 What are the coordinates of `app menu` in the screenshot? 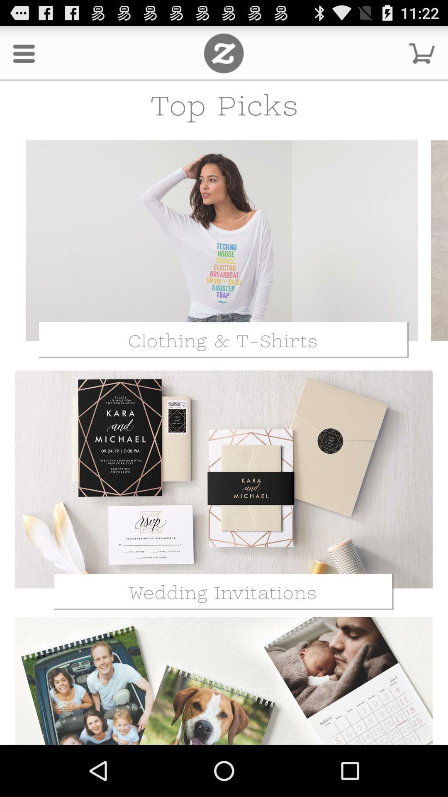 It's located at (223, 53).